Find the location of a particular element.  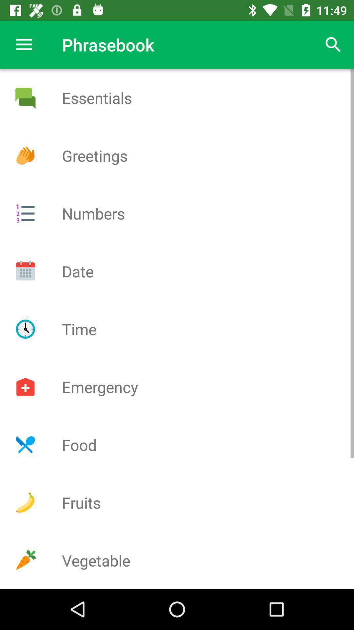

show food phrases is located at coordinates (25, 445).